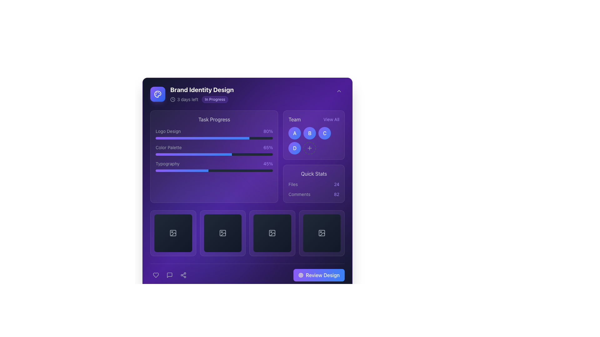 The image size is (600, 337). What do you see at coordinates (214, 138) in the screenshot?
I see `the first horizontal progress bar in the 'Task Progress' section, which is adjacent to the 'Logo Design' label and indicates an 80% completion with a gradient from violet to blue` at bounding box center [214, 138].